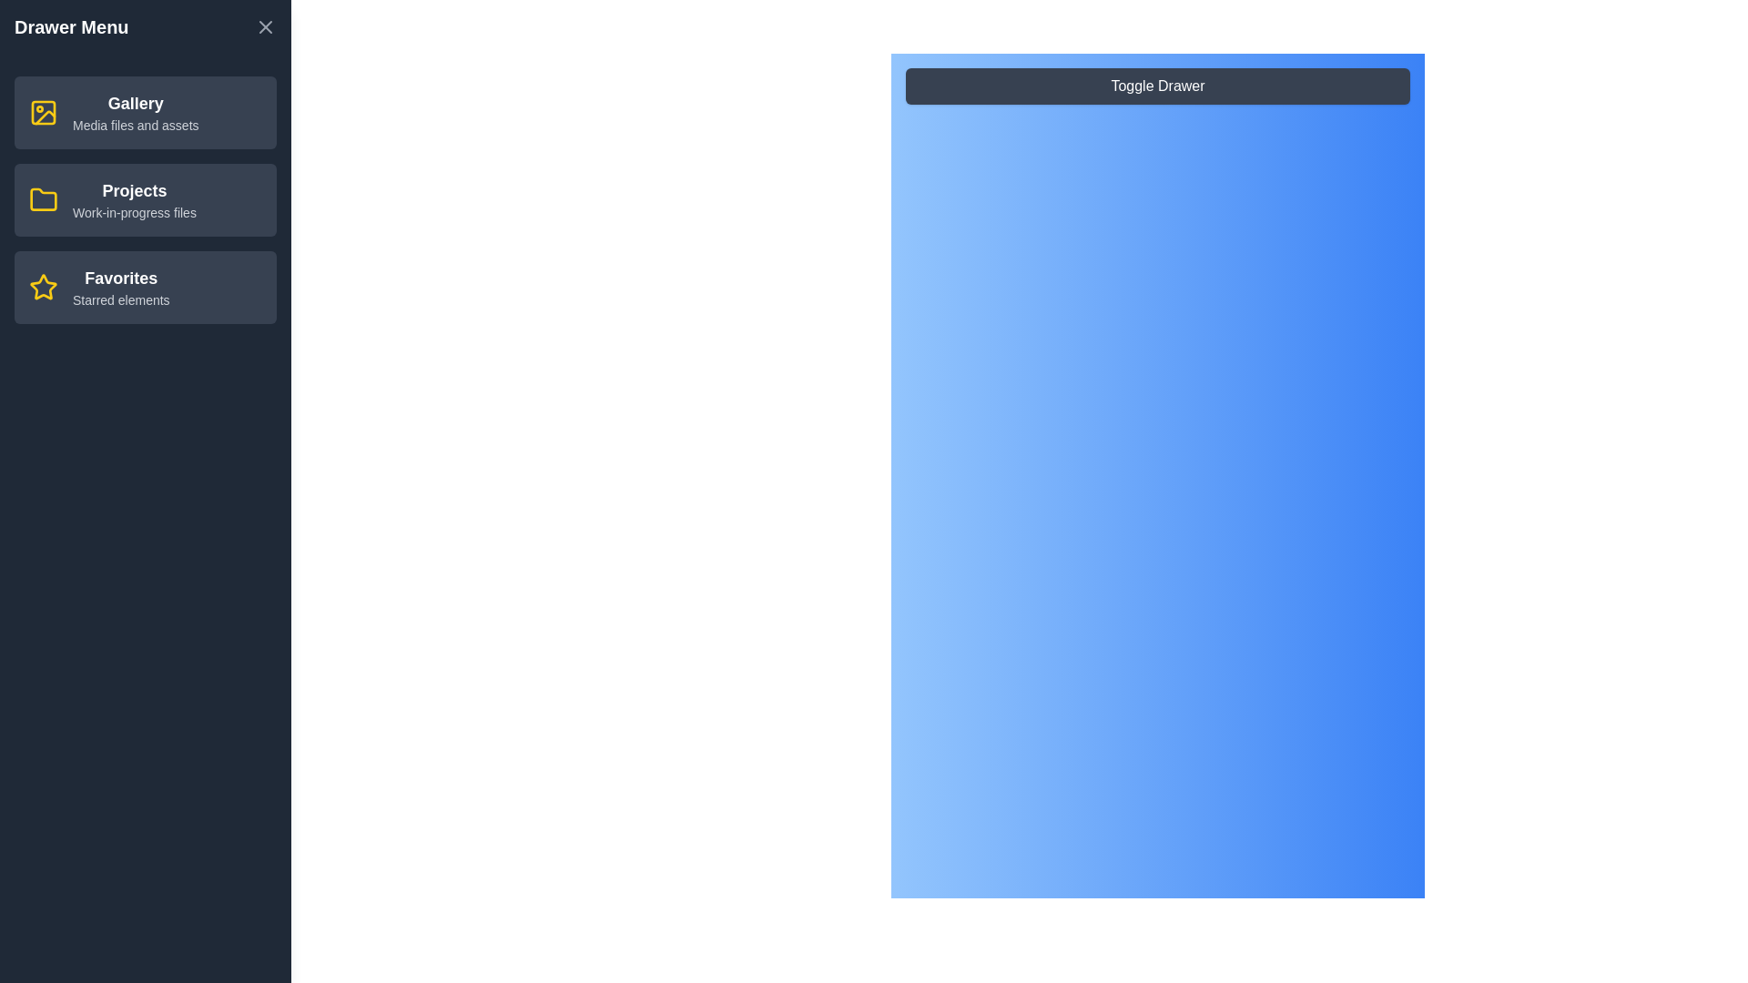 This screenshot has width=1748, height=983. Describe the element at coordinates (144, 199) in the screenshot. I see `the menu item Projects to highlight it` at that location.